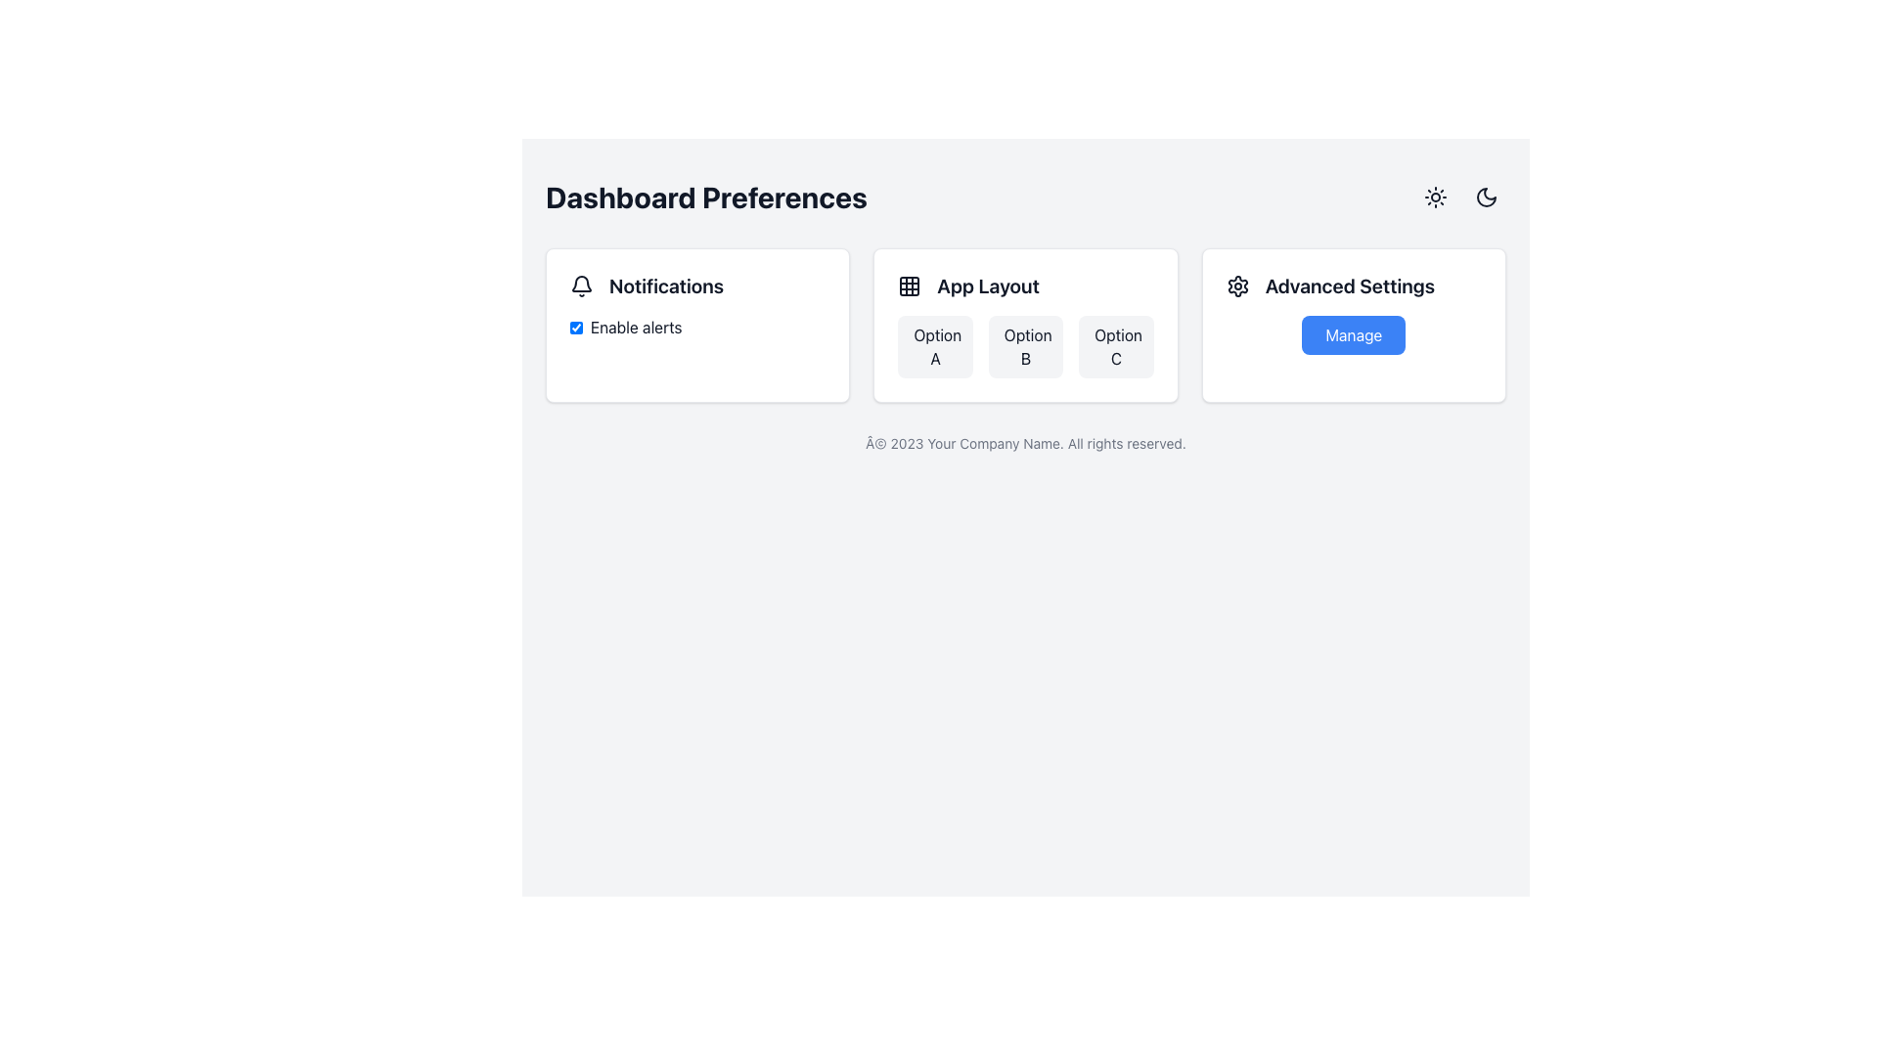 This screenshot has height=1056, width=1878. What do you see at coordinates (581, 284) in the screenshot?
I see `the lower rounded edge of the bell-shaped icon in the Notifications section of the Dashboard Preferences interface` at bounding box center [581, 284].